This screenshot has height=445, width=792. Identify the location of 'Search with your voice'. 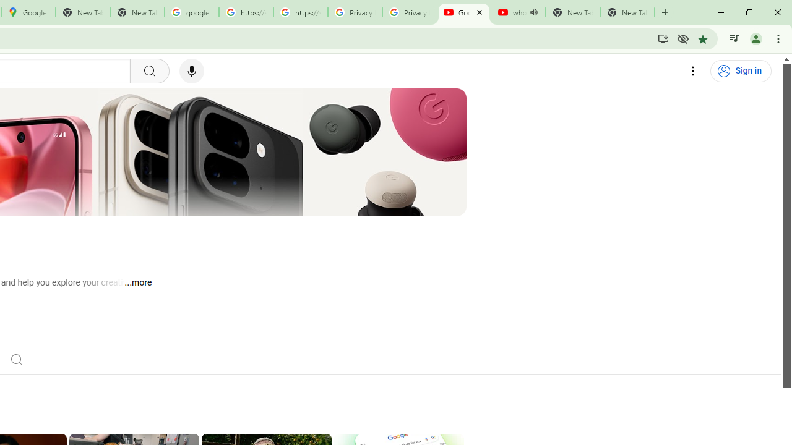
(191, 71).